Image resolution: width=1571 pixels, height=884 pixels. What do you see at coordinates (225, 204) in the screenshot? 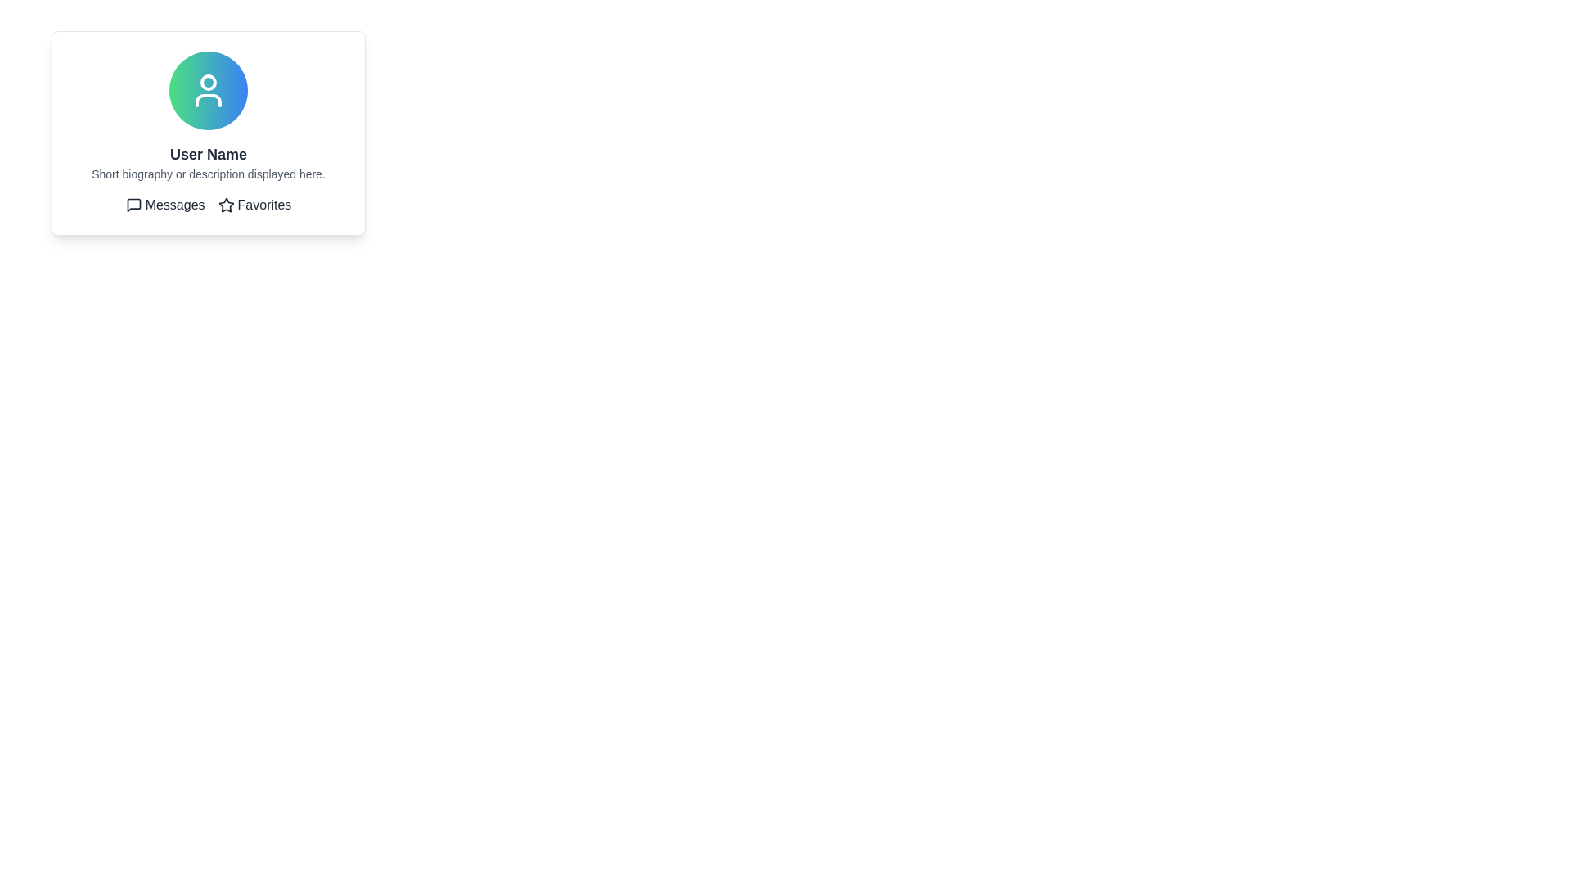
I see `the 'Favorites' icon located to the right of the 'Messages' label and above the 'Favorites' label in the user profile card section` at bounding box center [225, 204].